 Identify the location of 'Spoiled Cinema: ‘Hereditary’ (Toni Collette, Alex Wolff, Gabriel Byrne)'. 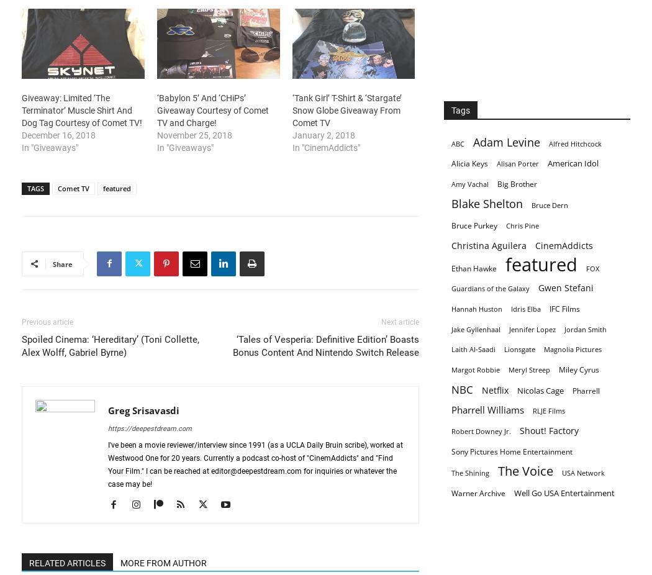
(110, 345).